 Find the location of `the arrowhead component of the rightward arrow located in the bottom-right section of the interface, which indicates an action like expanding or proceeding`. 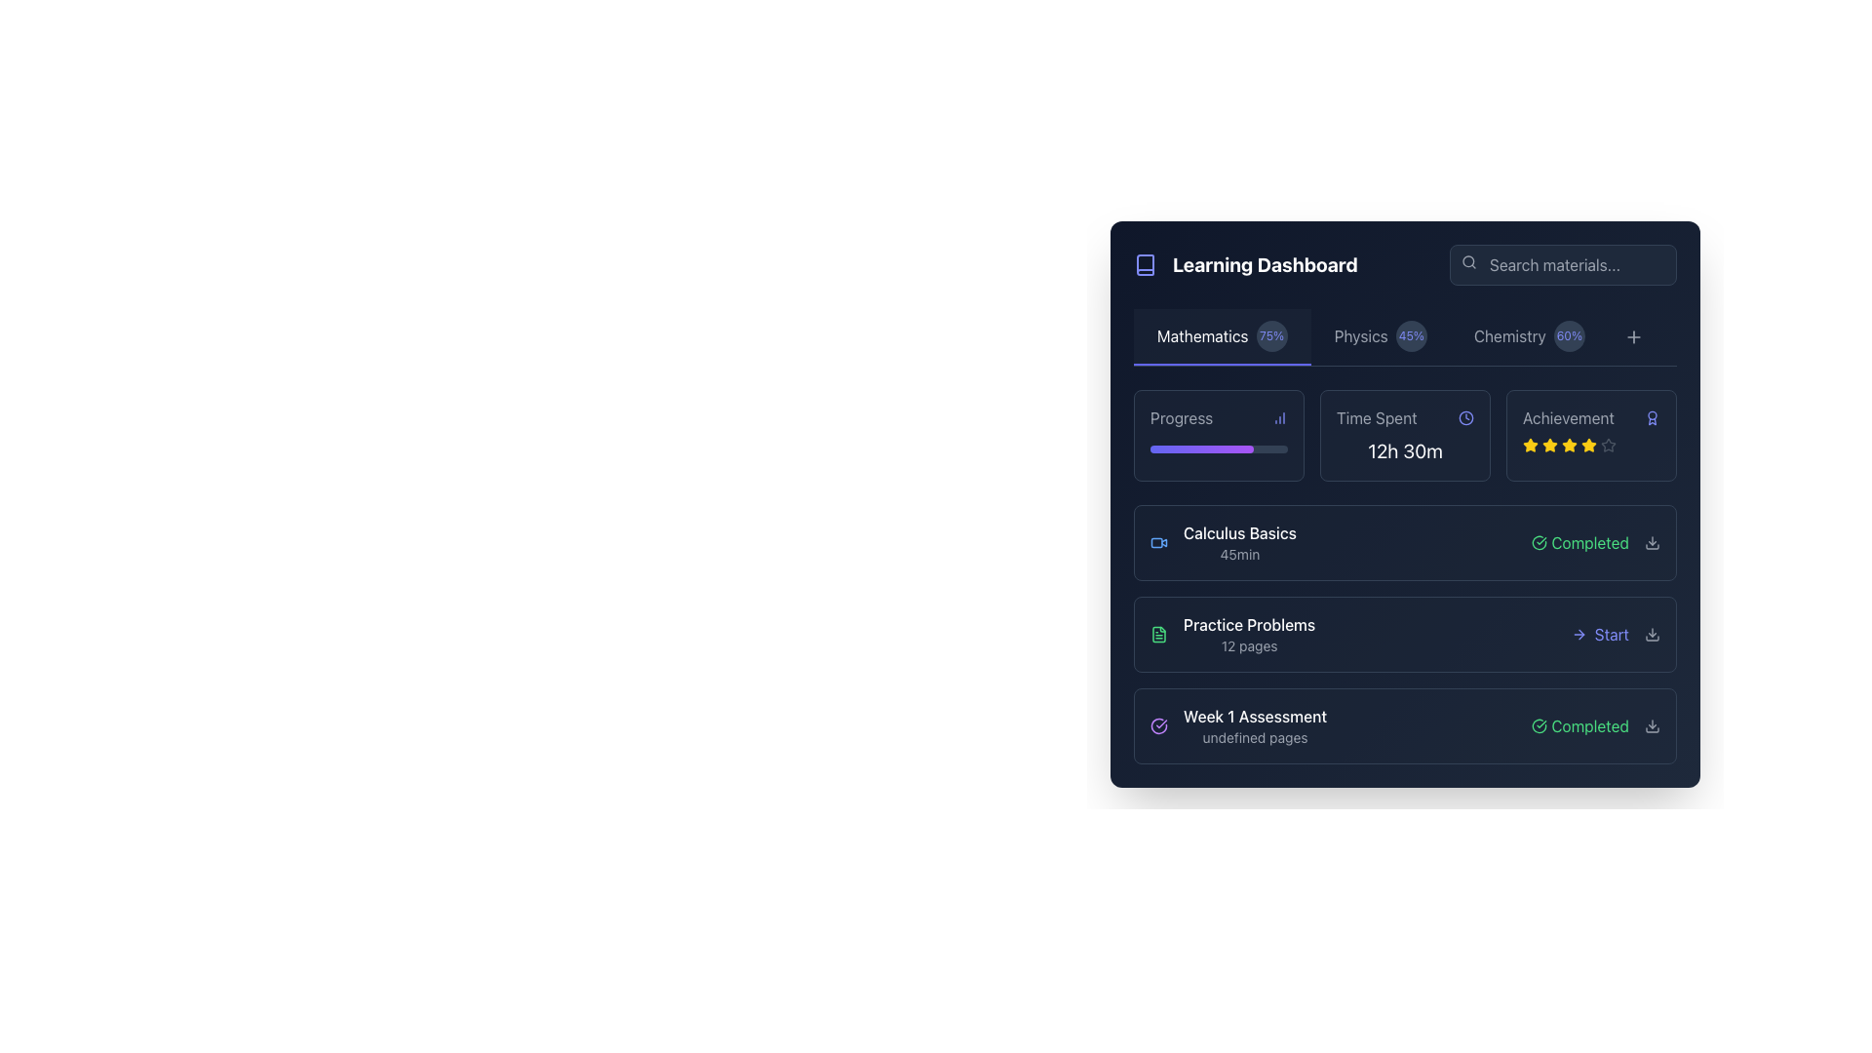

the arrowhead component of the rightward arrow located in the bottom-right section of the interface, which indicates an action like expanding or proceeding is located at coordinates (1581, 635).